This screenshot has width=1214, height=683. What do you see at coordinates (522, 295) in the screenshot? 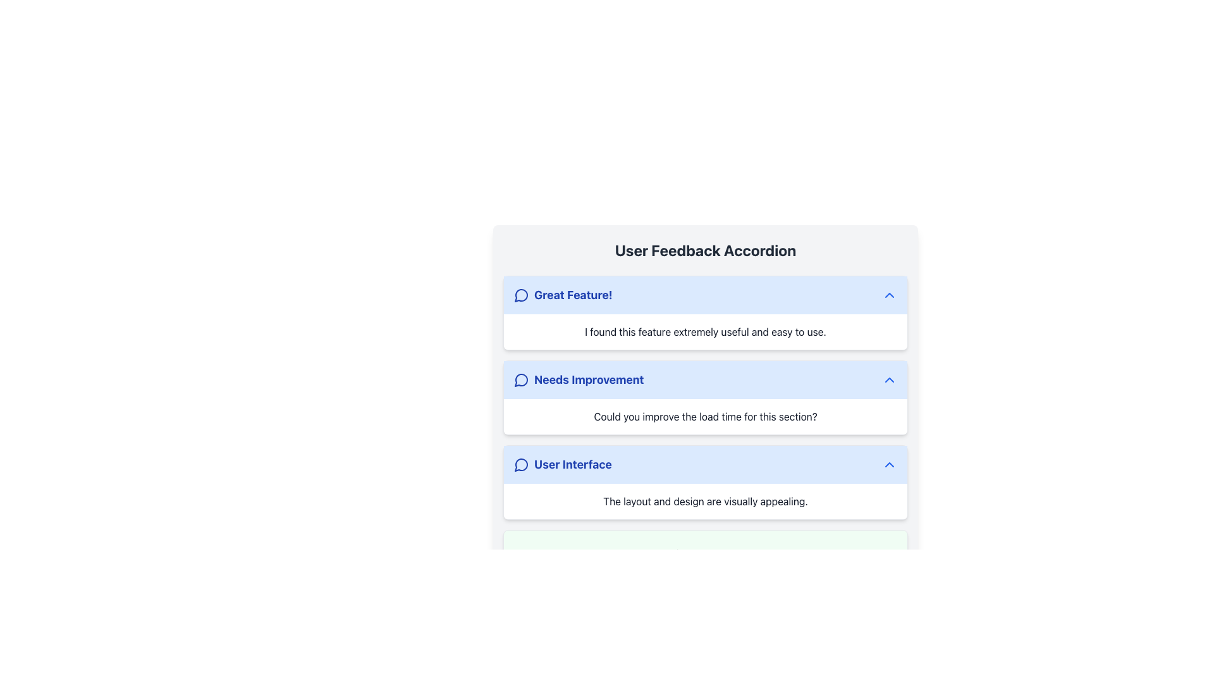
I see `the graphical icon indicating a comment or message located in the top-left corner of the first feedback item labeled 'User Feedback Accordion', positioned to the left of the text 'Great Feature!'` at bounding box center [522, 295].